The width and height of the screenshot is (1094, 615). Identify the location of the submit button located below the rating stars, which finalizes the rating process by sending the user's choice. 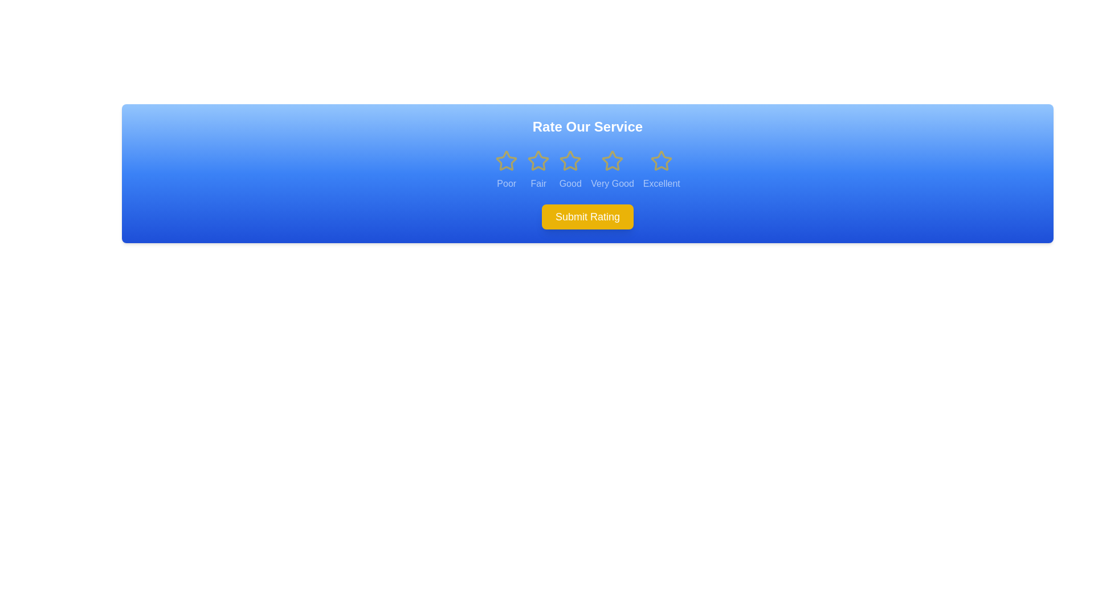
(587, 217).